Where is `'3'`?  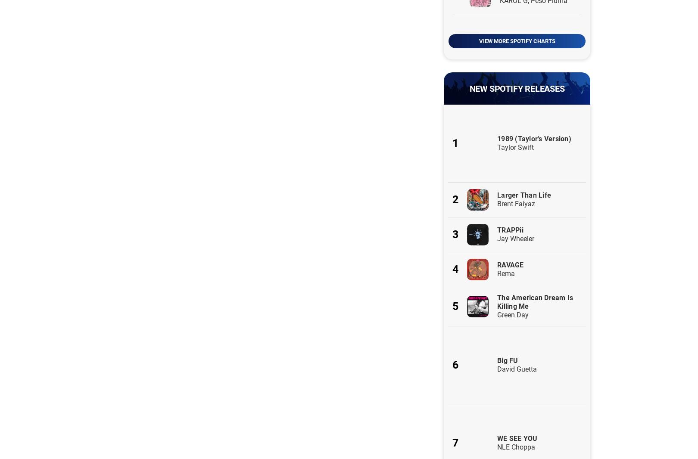 '3' is located at coordinates (455, 234).